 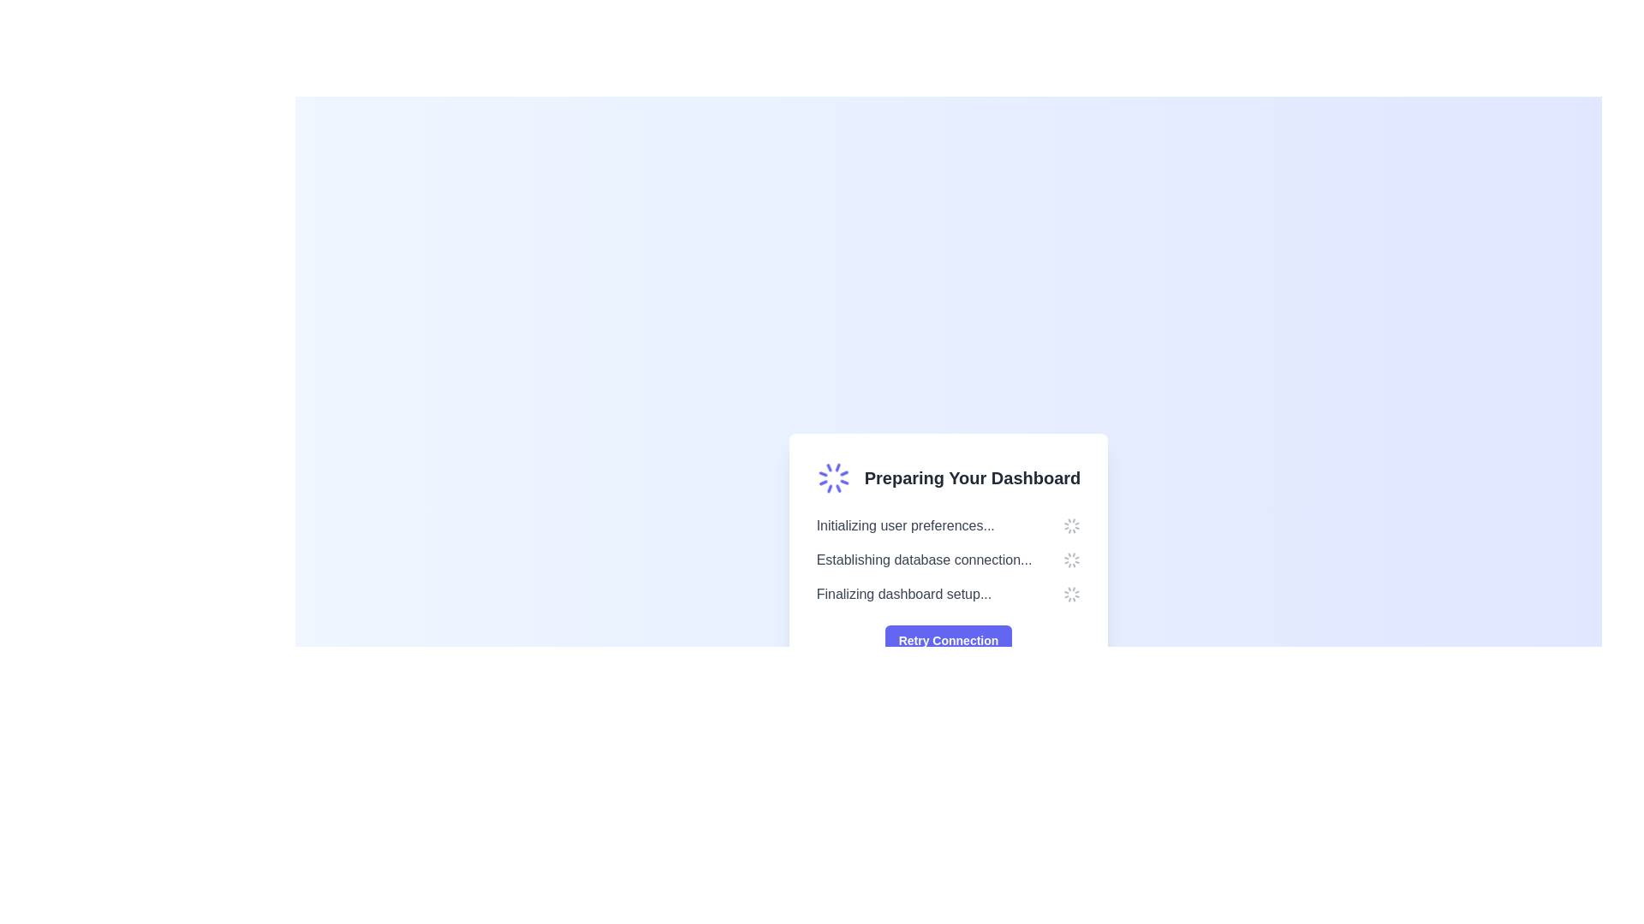 I want to click on text of the status label indicating the current process of establishing a connection to the database, which is the second item in the list under 'Preparing Your Dashboard', so click(x=923, y=560).